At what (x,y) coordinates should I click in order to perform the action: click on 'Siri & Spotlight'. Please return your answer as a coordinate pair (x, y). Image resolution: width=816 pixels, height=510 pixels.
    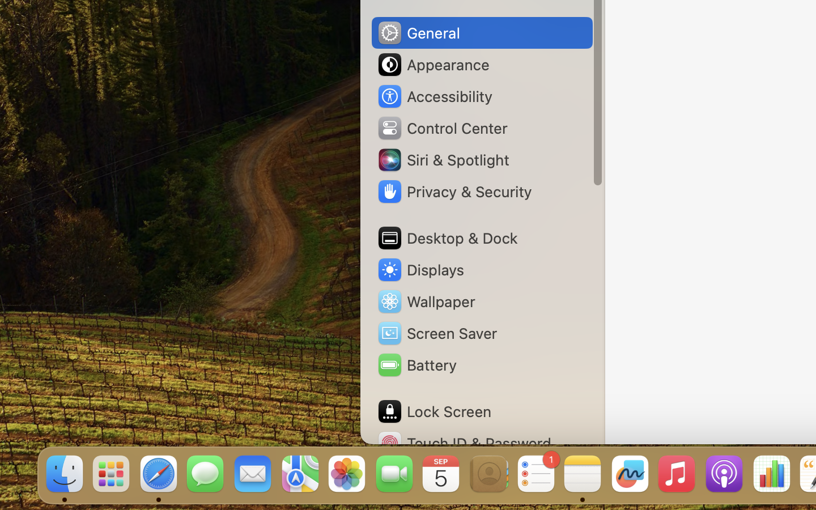
    Looking at the image, I should click on (443, 159).